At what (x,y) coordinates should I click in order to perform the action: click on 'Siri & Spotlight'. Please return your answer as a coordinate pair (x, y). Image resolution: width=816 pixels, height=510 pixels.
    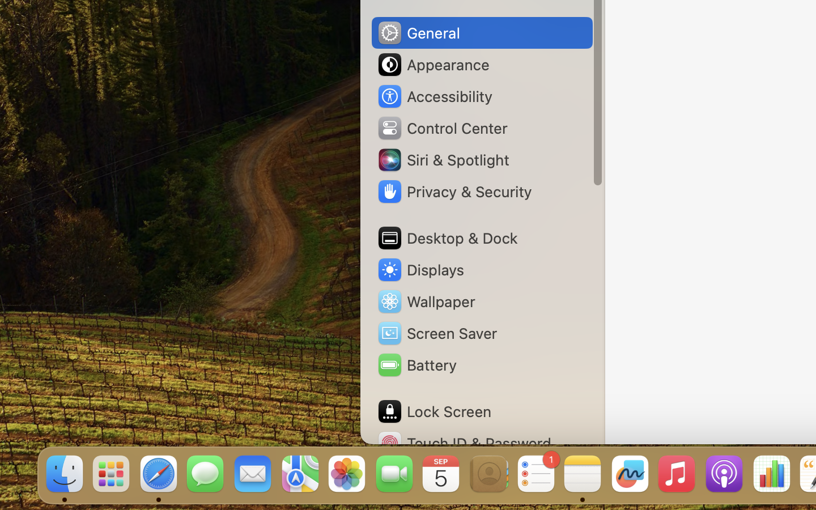
    Looking at the image, I should click on (443, 159).